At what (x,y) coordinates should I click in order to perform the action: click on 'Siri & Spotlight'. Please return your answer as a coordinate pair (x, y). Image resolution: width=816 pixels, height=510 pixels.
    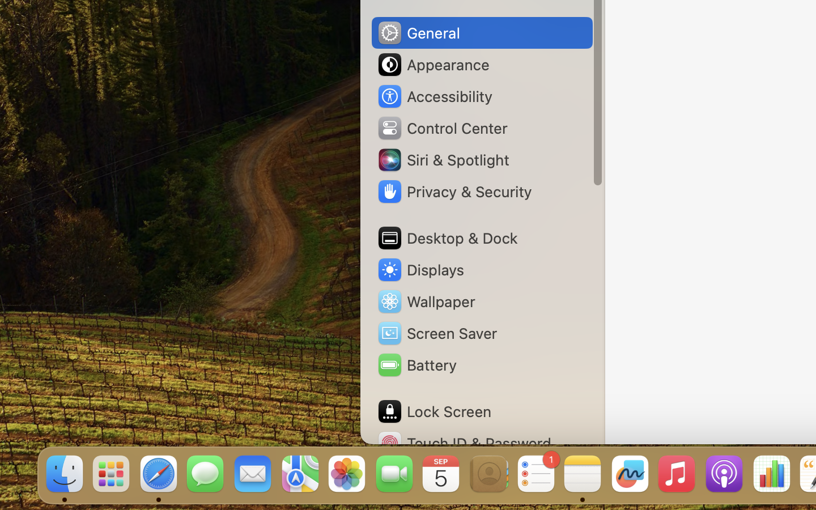
    Looking at the image, I should click on (443, 159).